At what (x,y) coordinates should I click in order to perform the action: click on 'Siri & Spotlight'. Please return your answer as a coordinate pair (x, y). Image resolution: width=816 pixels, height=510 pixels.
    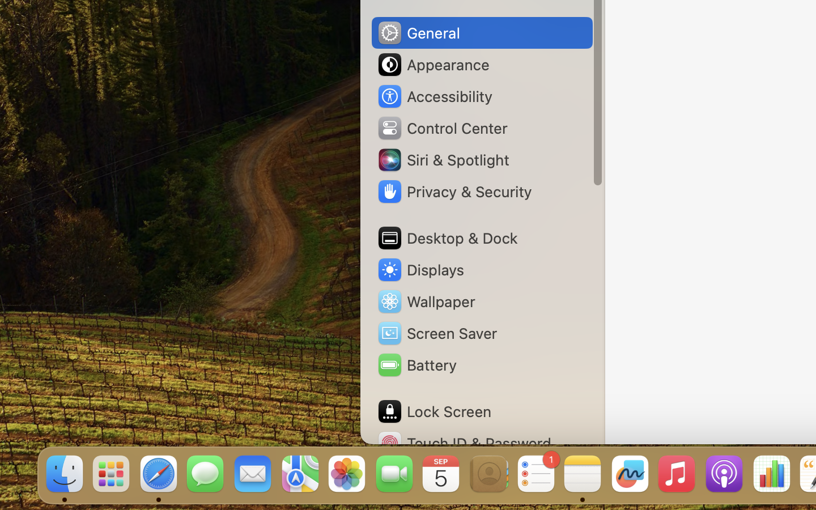
    Looking at the image, I should click on (443, 159).